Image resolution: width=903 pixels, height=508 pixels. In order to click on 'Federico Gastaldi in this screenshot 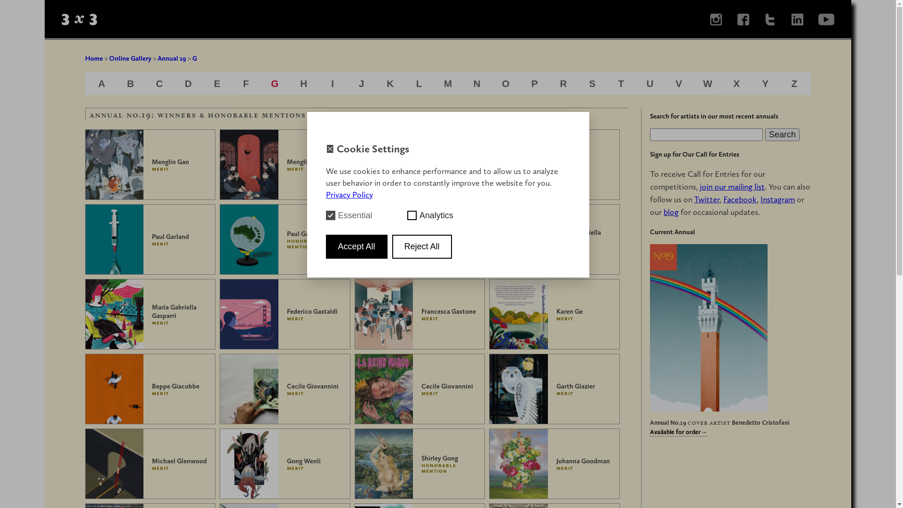, I will do `click(284, 314)`.